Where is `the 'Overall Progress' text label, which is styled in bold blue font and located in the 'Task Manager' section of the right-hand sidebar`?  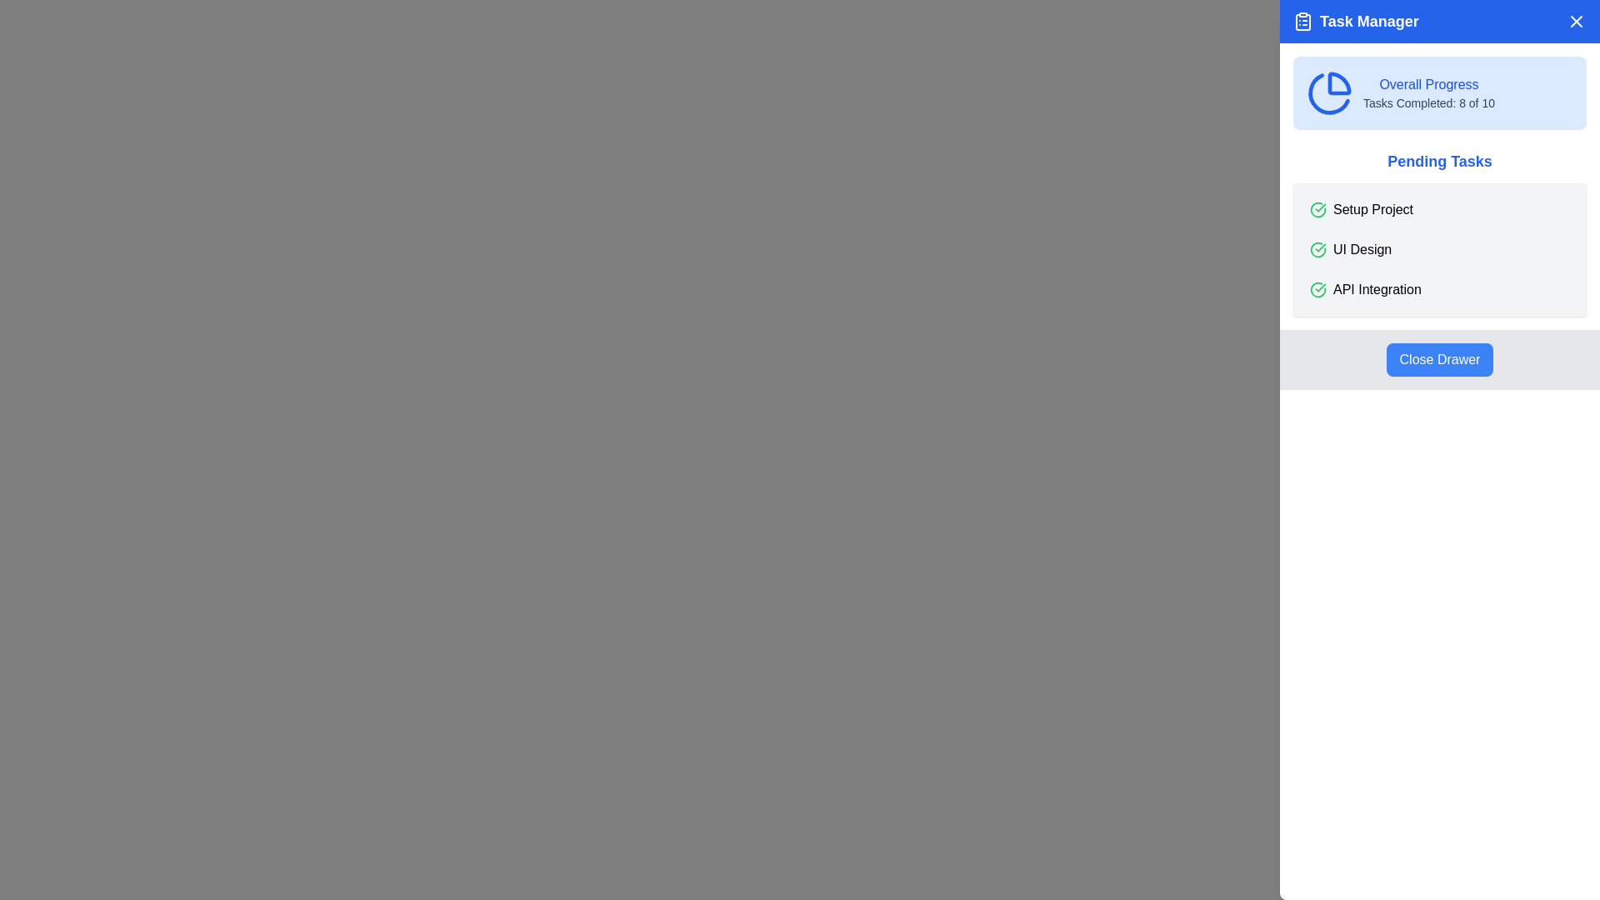
the 'Overall Progress' text label, which is styled in bold blue font and located in the 'Task Manager' section of the right-hand sidebar is located at coordinates (1427, 84).